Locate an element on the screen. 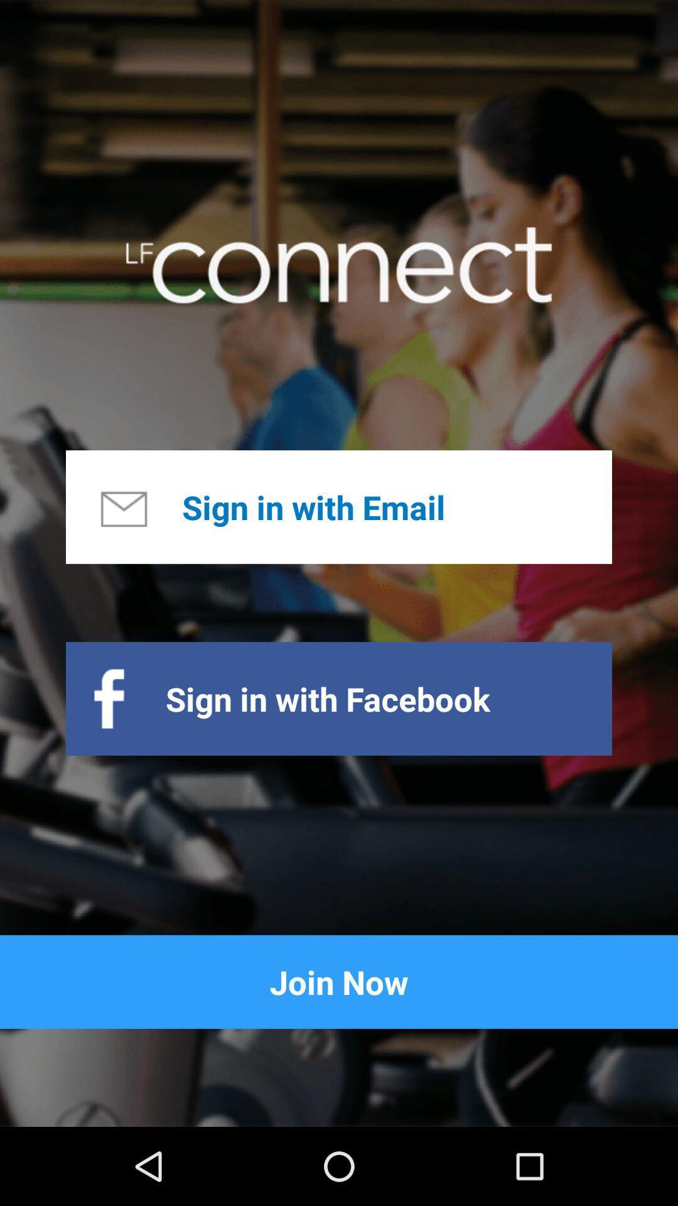 The width and height of the screenshot is (678, 1206). app below the sign in with is located at coordinates (339, 981).